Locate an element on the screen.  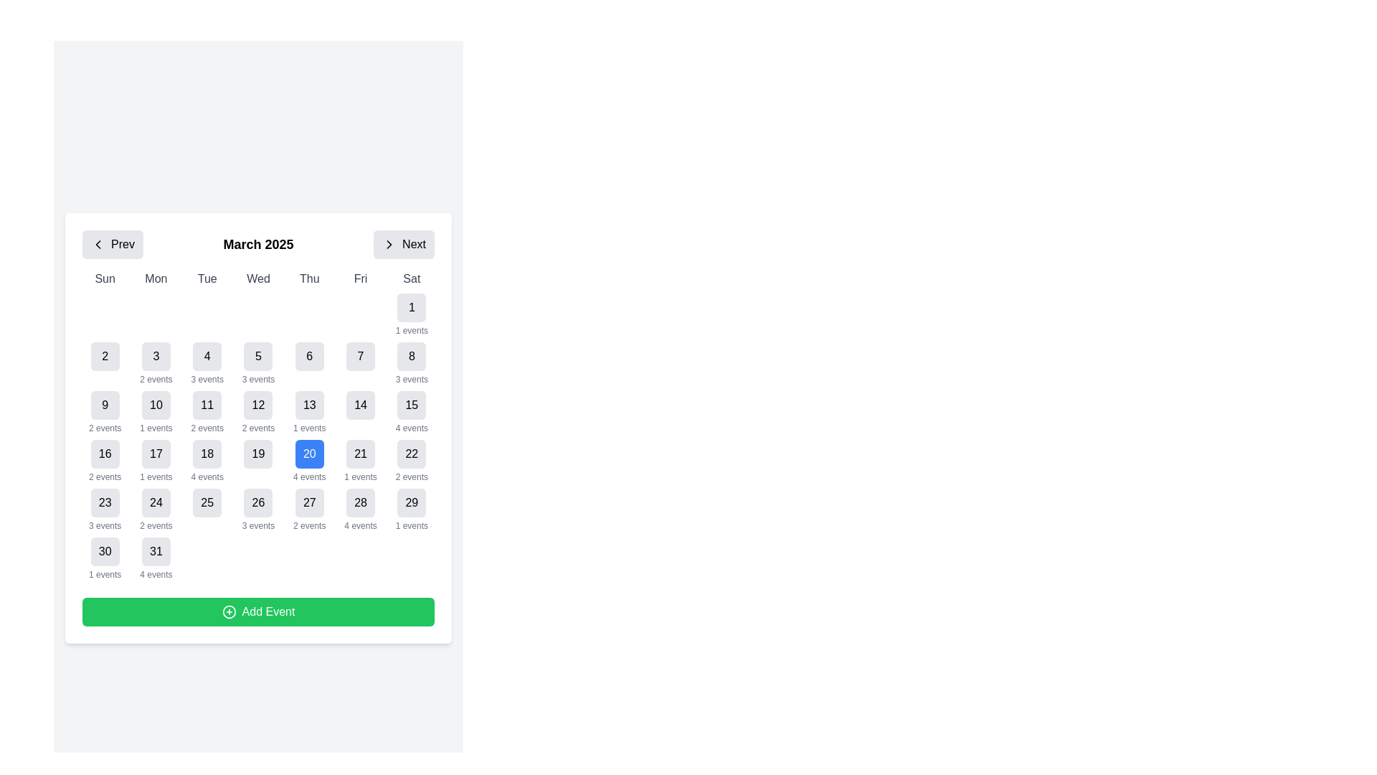
the calendar day cell for the 24th, which has a light gray background and the text '24' centered in a square box is located at coordinates (156, 509).